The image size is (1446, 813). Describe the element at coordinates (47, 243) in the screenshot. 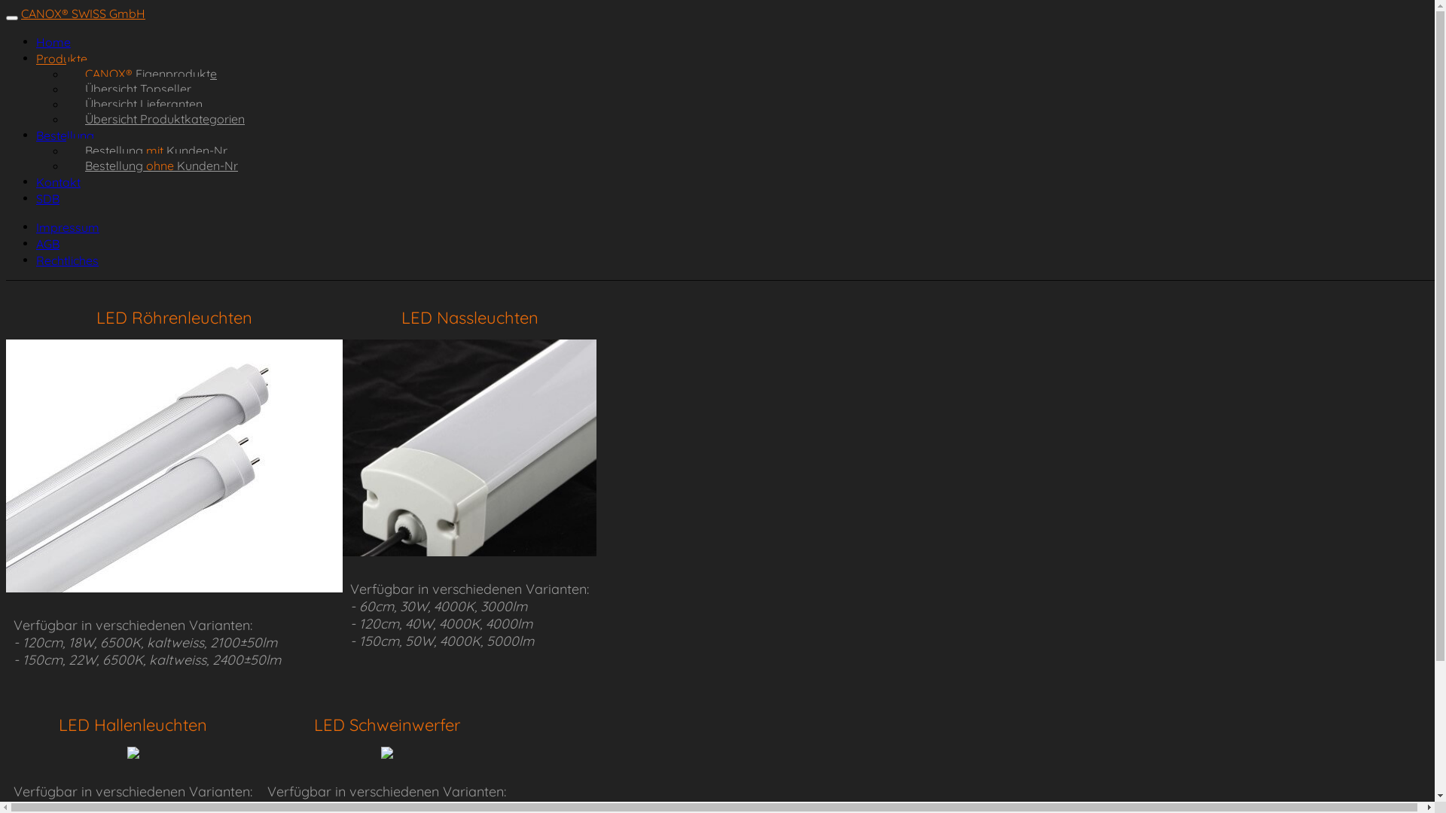

I see `'AGB'` at that location.